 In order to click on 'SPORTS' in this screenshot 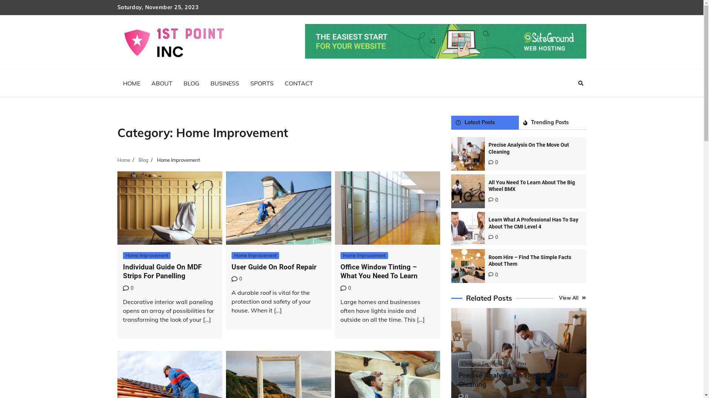, I will do `click(244, 83)`.